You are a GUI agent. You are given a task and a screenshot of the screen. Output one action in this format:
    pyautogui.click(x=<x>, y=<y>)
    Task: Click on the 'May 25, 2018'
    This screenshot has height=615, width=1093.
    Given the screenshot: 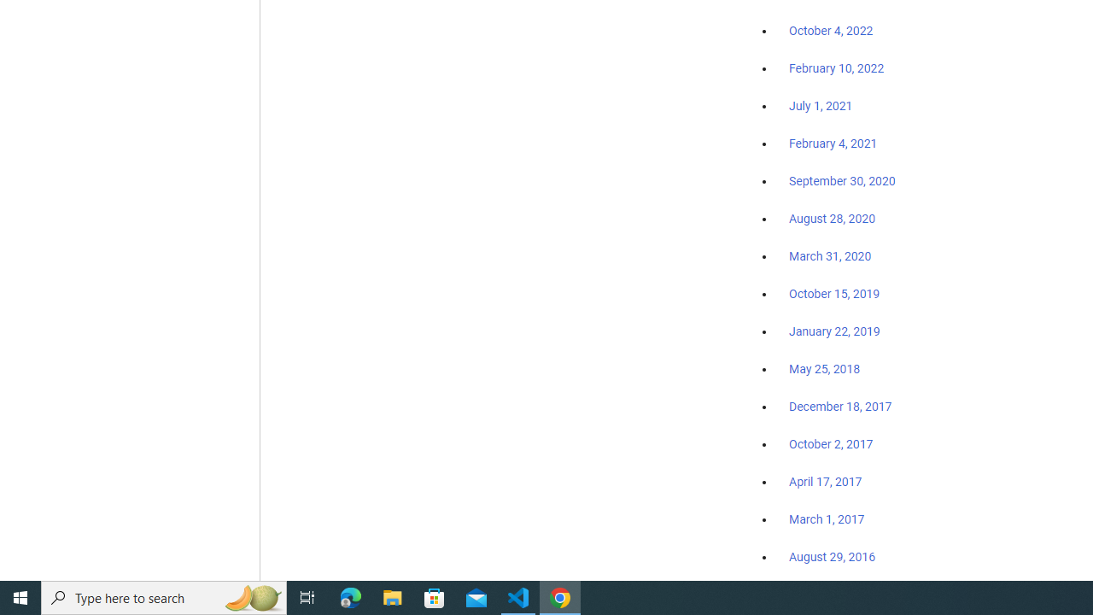 What is the action you would take?
    pyautogui.click(x=825, y=368)
    